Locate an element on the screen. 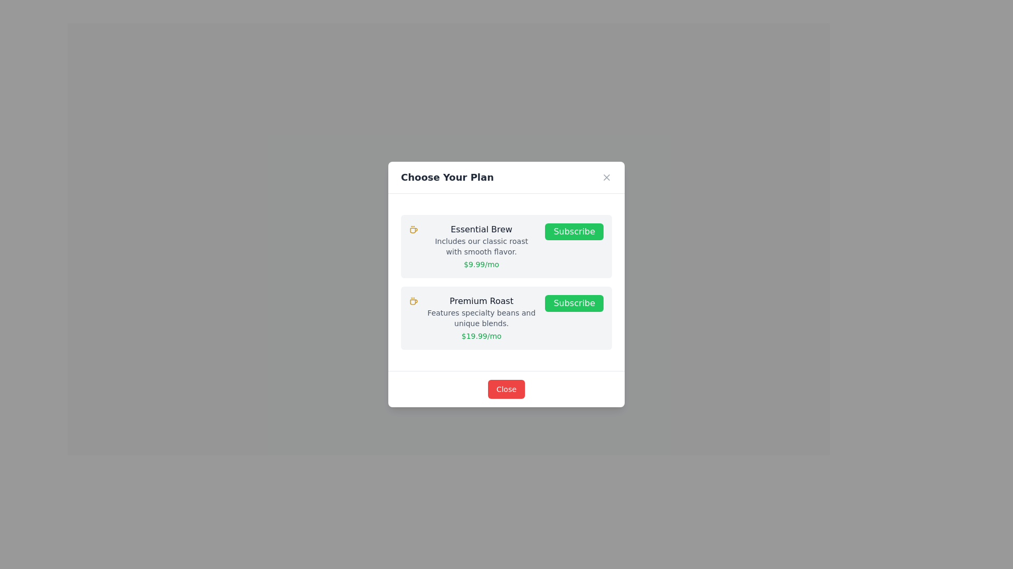  the 'Close' button with a red background and white text is located at coordinates (506, 389).